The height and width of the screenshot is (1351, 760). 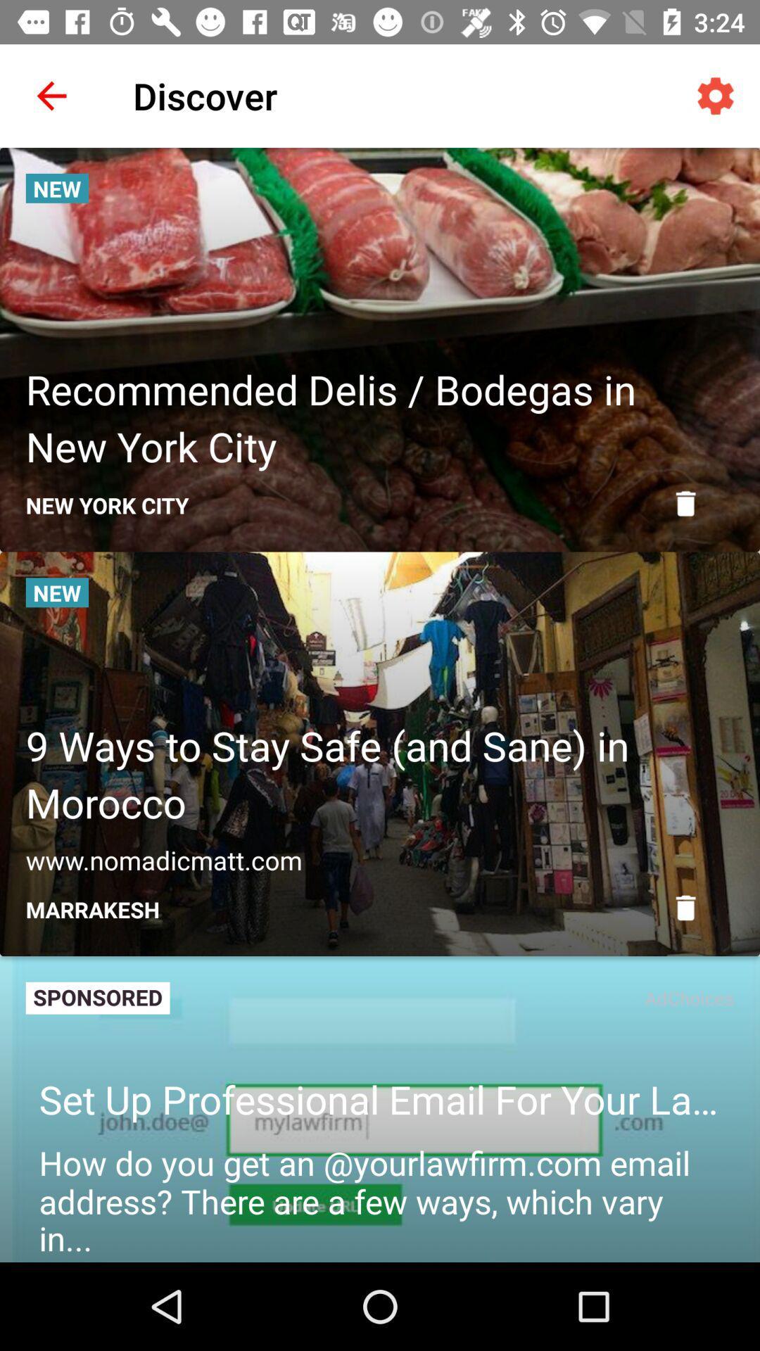 What do you see at coordinates (716, 95) in the screenshot?
I see `the icon next to discover icon` at bounding box center [716, 95].